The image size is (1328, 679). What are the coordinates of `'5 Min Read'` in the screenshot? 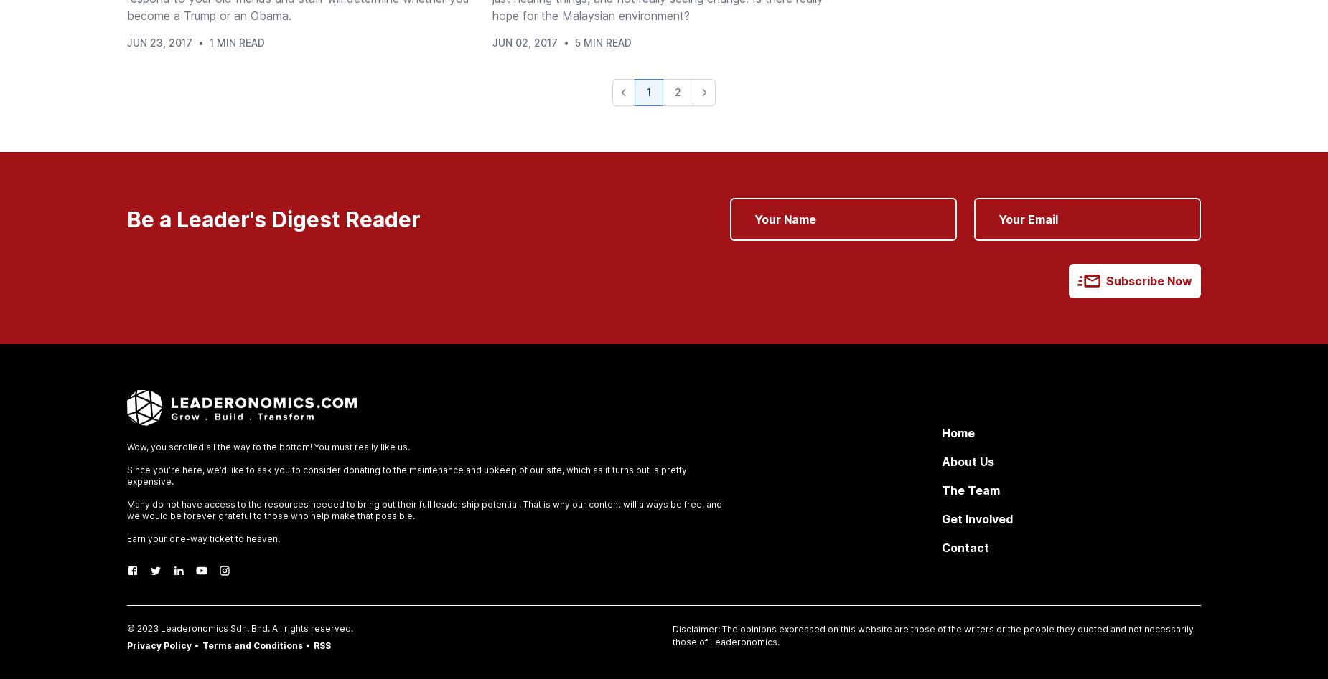 It's located at (603, 42).